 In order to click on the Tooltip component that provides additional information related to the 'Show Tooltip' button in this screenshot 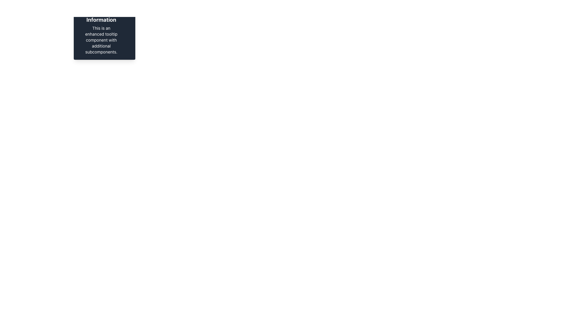, I will do `click(104, 31)`.